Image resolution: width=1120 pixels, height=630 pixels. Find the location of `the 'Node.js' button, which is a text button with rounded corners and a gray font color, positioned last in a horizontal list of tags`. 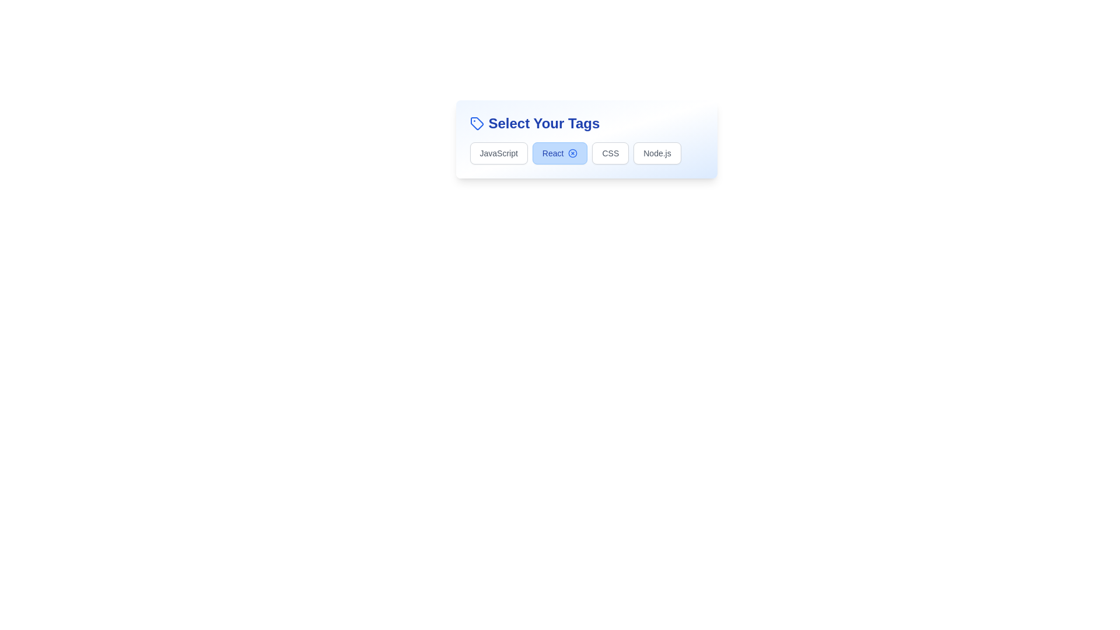

the 'Node.js' button, which is a text button with rounded corners and a gray font color, positioned last in a horizontal list of tags is located at coordinates (657, 152).